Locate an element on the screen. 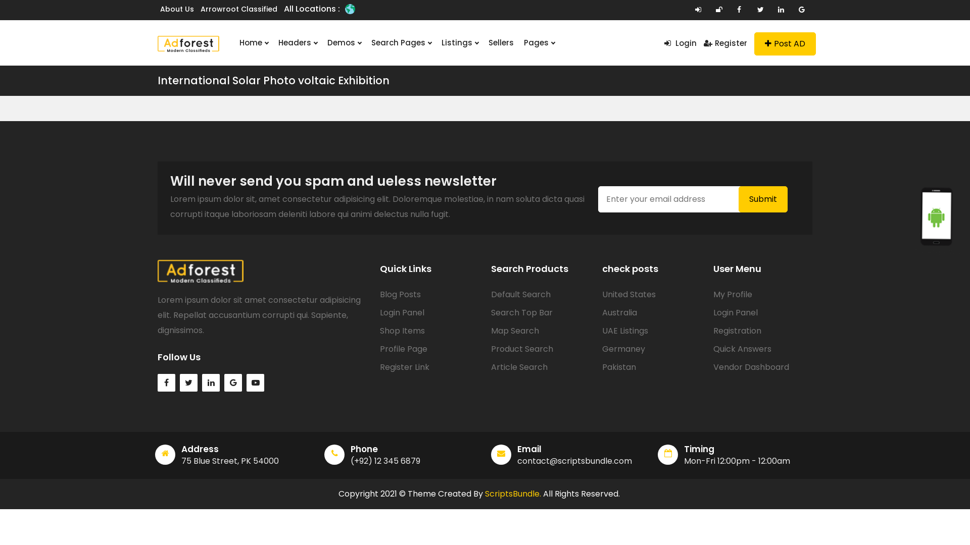  'Default Search' is located at coordinates (491, 294).